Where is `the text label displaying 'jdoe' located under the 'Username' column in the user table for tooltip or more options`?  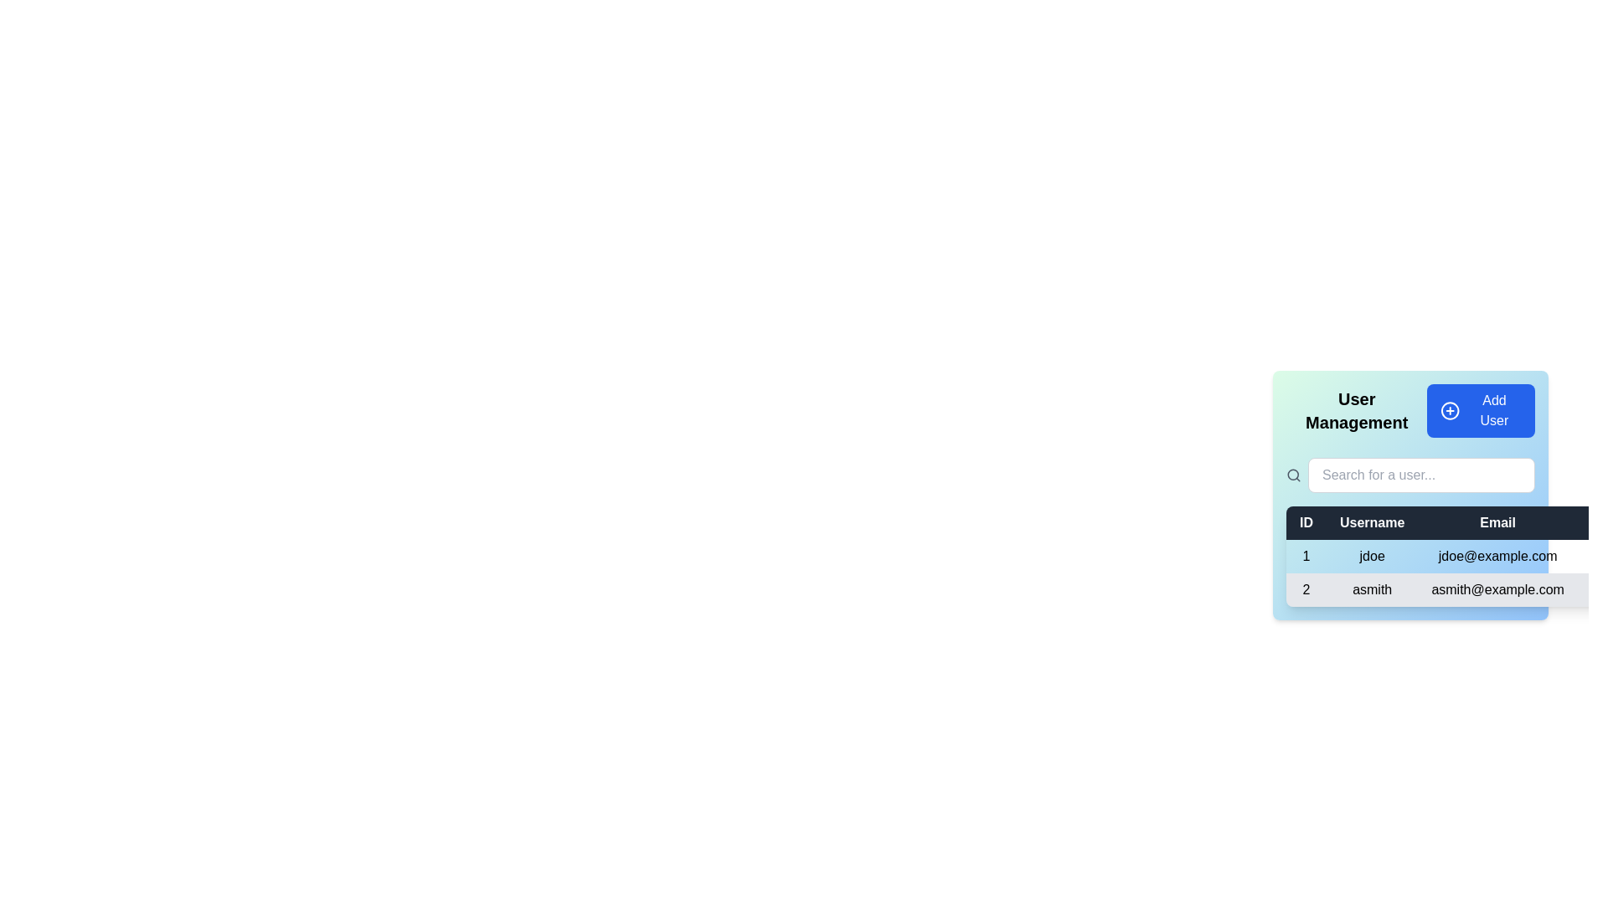
the text label displaying 'jdoe' located under the 'Username' column in the user table for tooltip or more options is located at coordinates (1372, 556).